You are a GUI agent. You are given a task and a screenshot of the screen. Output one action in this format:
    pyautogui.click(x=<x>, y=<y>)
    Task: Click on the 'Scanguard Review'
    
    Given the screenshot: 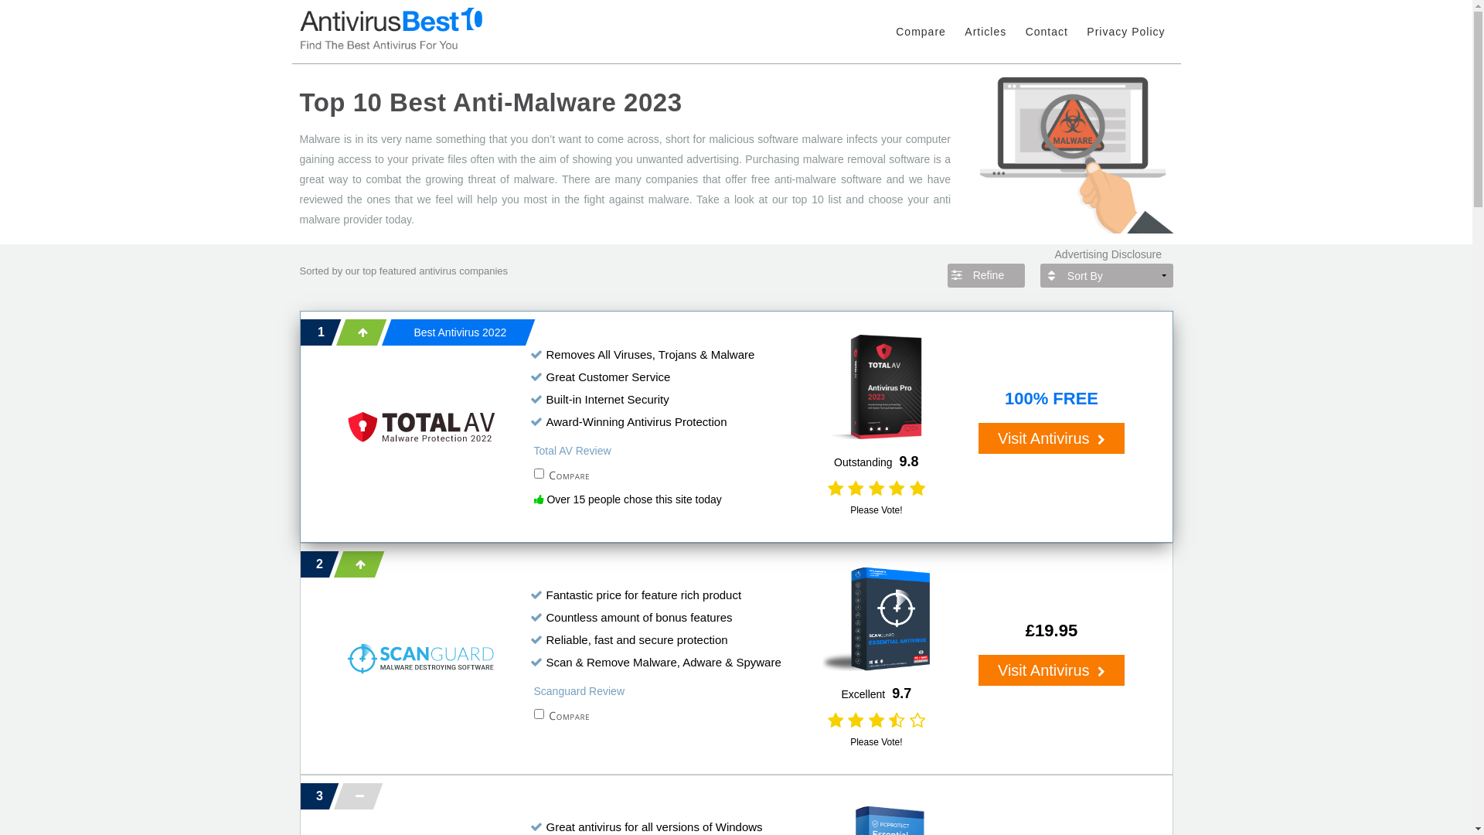 What is the action you would take?
    pyautogui.click(x=533, y=690)
    